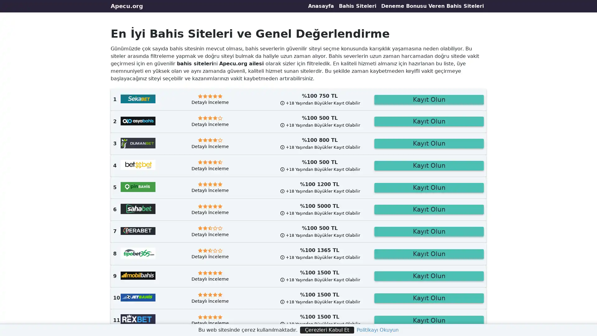 The height and width of the screenshot is (336, 597). I want to click on Load terms and conditions, so click(319, 103).